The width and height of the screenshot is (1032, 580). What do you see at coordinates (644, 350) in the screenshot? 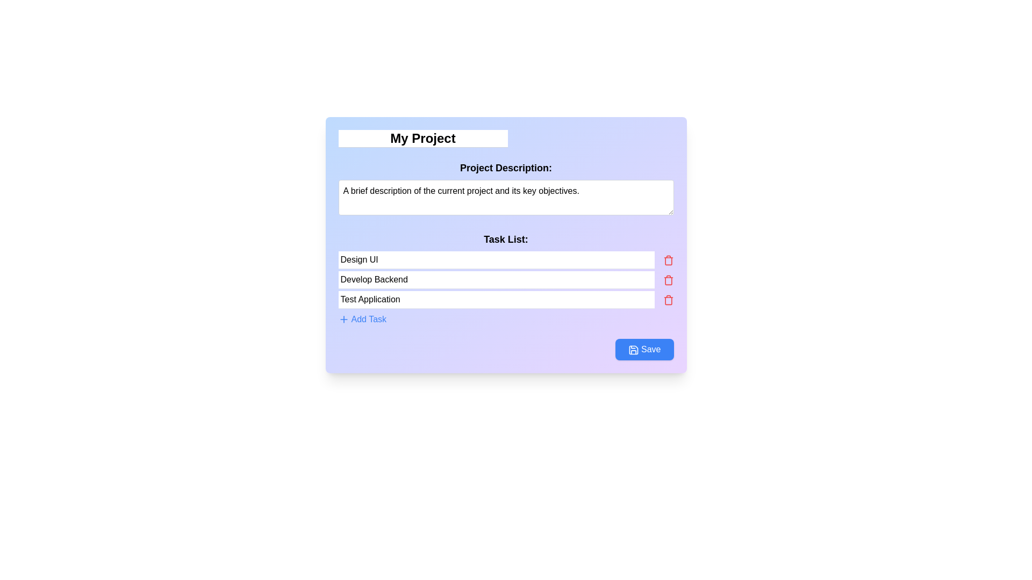
I see `the save button located at the bottom-right of the 'My Project' form to change its background color` at bounding box center [644, 350].